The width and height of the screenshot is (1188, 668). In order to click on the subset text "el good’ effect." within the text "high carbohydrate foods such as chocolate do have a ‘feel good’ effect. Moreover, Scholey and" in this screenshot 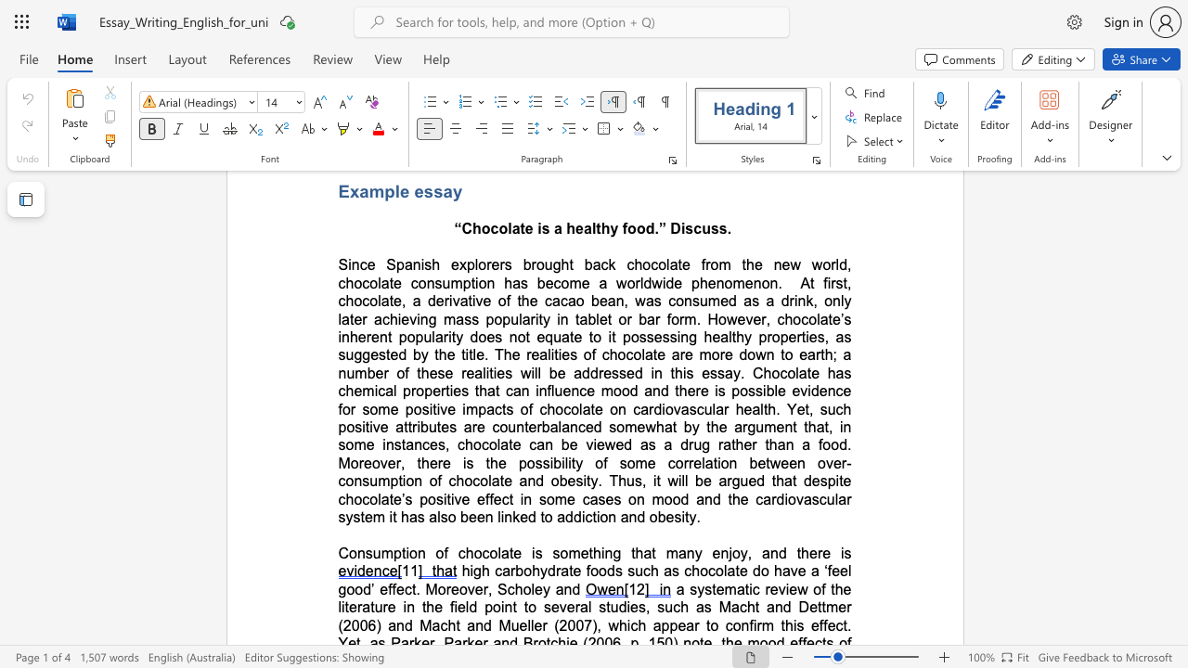, I will do `click(839, 570)`.